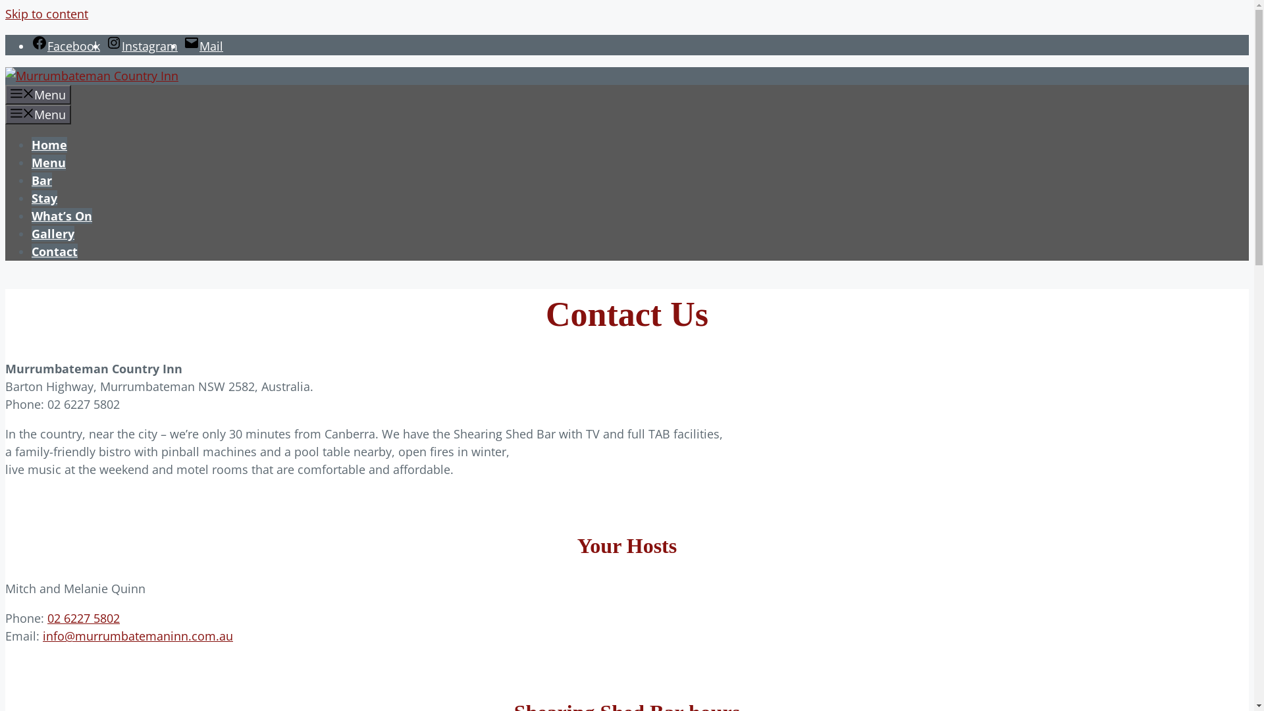 This screenshot has height=711, width=1264. Describe the element at coordinates (44, 197) in the screenshot. I see `'Stay'` at that location.